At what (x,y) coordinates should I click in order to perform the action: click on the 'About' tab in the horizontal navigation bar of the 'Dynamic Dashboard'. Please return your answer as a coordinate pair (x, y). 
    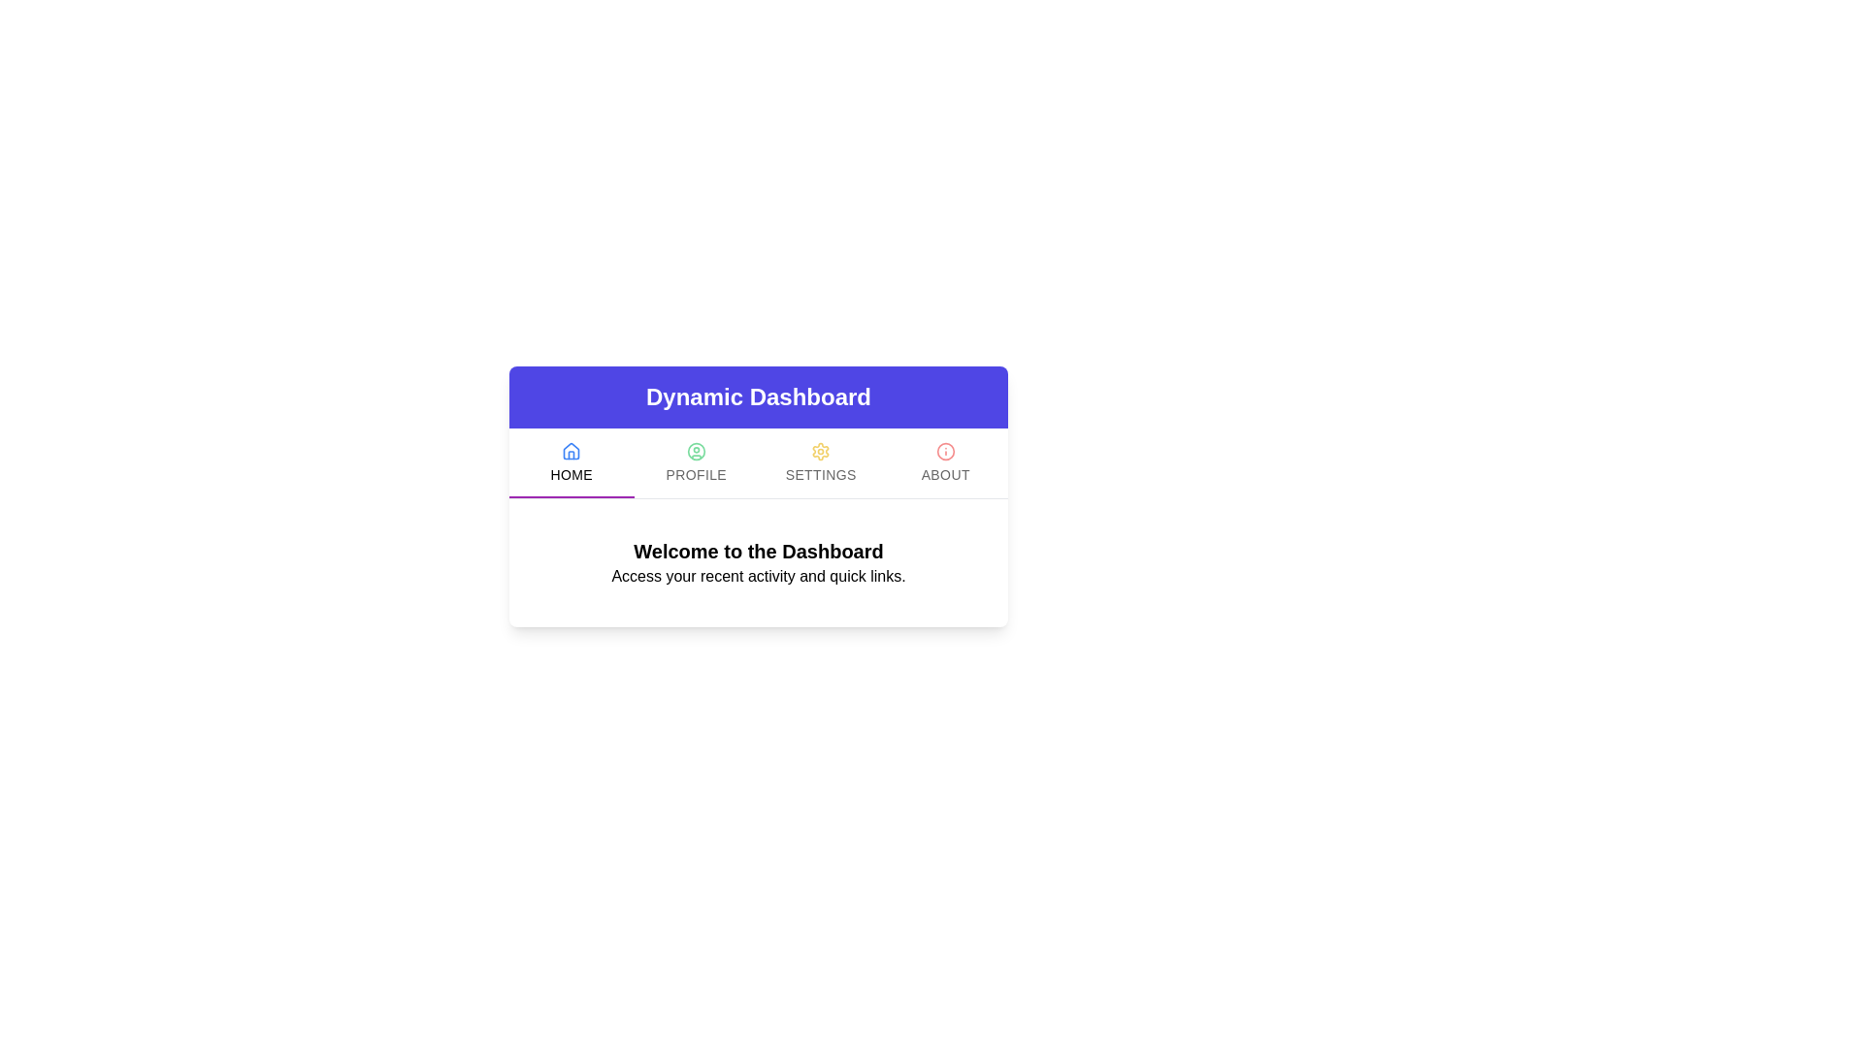
    Looking at the image, I should click on (945, 463).